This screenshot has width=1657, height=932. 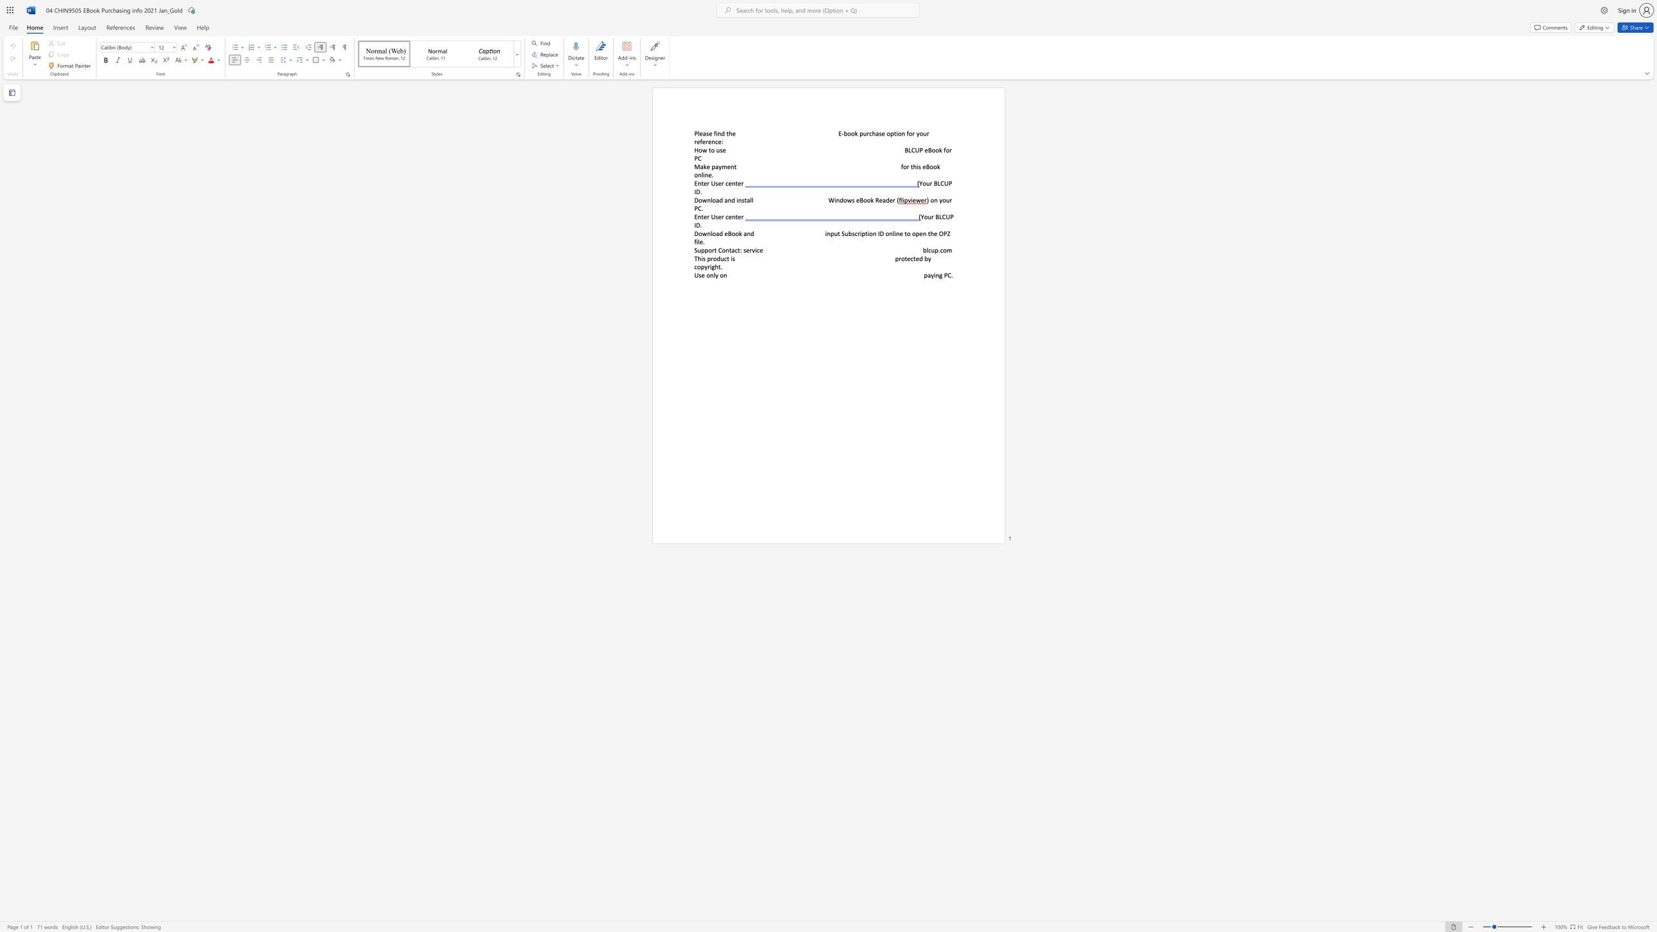 What do you see at coordinates (951, 275) in the screenshot?
I see `the 1th character "." in the text` at bounding box center [951, 275].